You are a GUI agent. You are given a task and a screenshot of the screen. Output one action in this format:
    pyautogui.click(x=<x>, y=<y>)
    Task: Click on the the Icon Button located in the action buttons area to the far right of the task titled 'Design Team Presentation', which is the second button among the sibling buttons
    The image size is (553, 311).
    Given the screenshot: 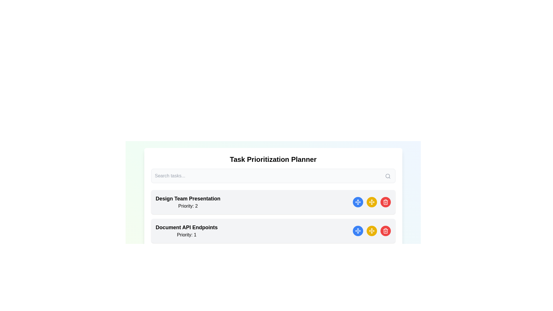 What is the action you would take?
    pyautogui.click(x=357, y=202)
    